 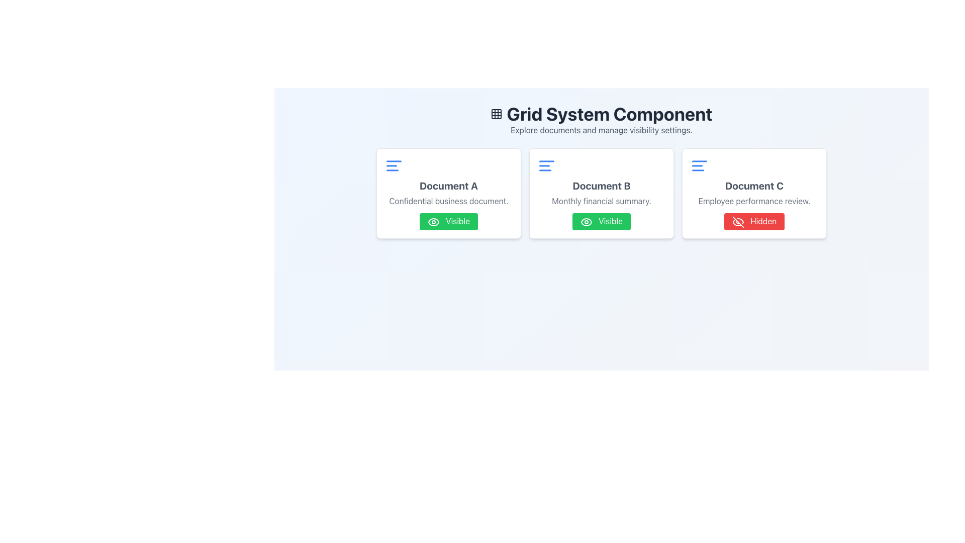 What do you see at coordinates (497, 114) in the screenshot?
I see `the grid icon located at the beginning of the 'Grid System Component' header` at bounding box center [497, 114].